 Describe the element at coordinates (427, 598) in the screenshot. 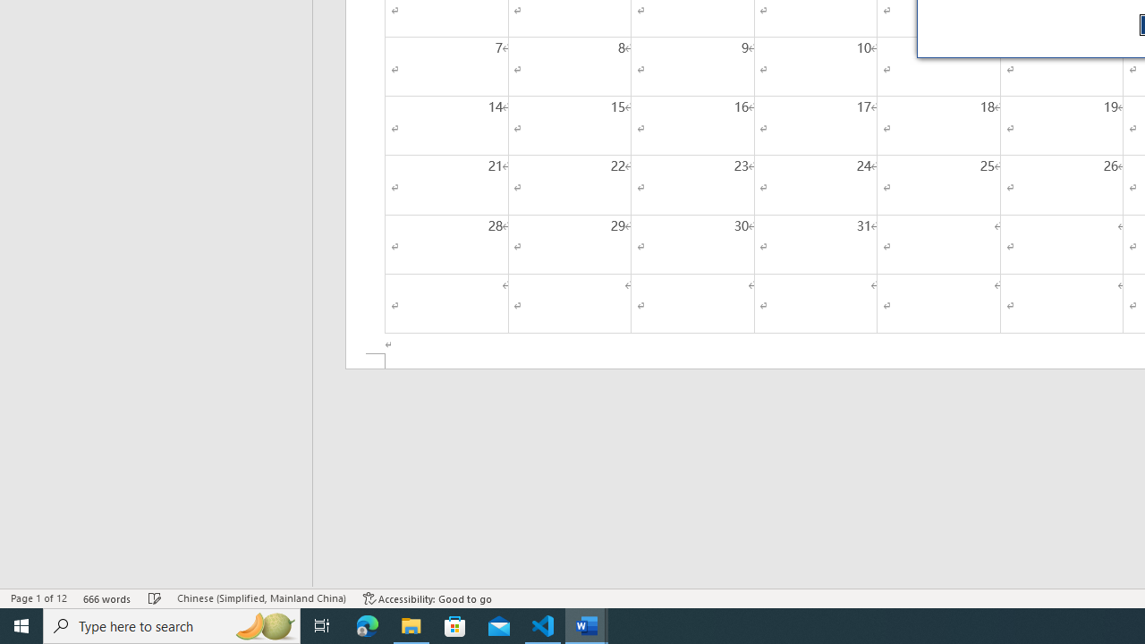

I see `'Accessibility Checker Accessibility: Good to go'` at that location.